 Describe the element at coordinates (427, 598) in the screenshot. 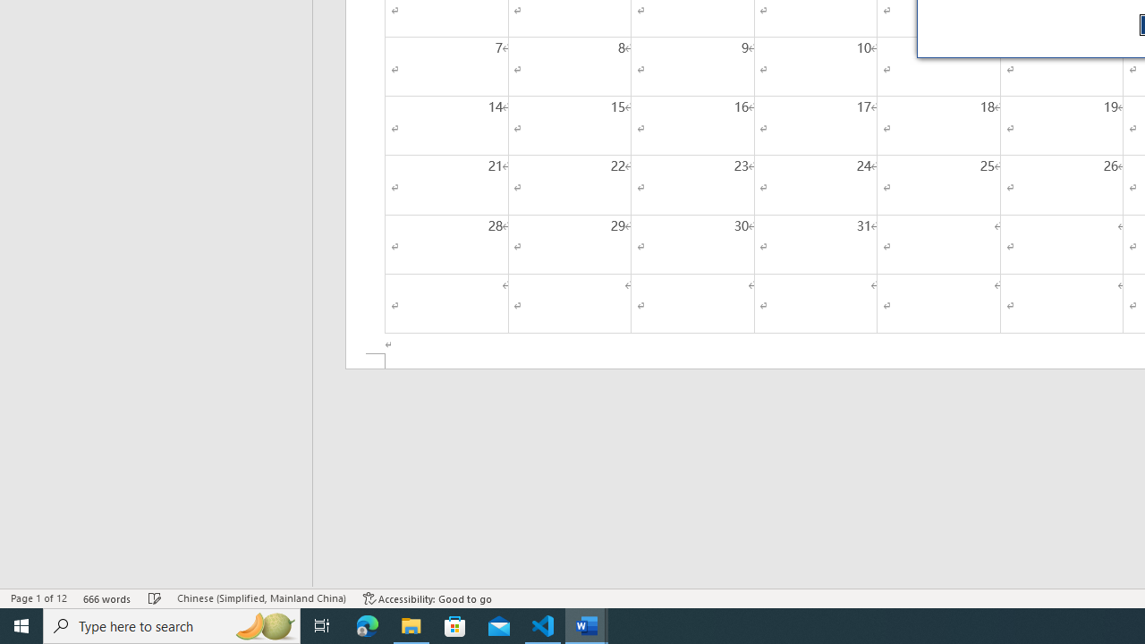

I see `'Accessibility Checker Accessibility: Good to go'` at that location.